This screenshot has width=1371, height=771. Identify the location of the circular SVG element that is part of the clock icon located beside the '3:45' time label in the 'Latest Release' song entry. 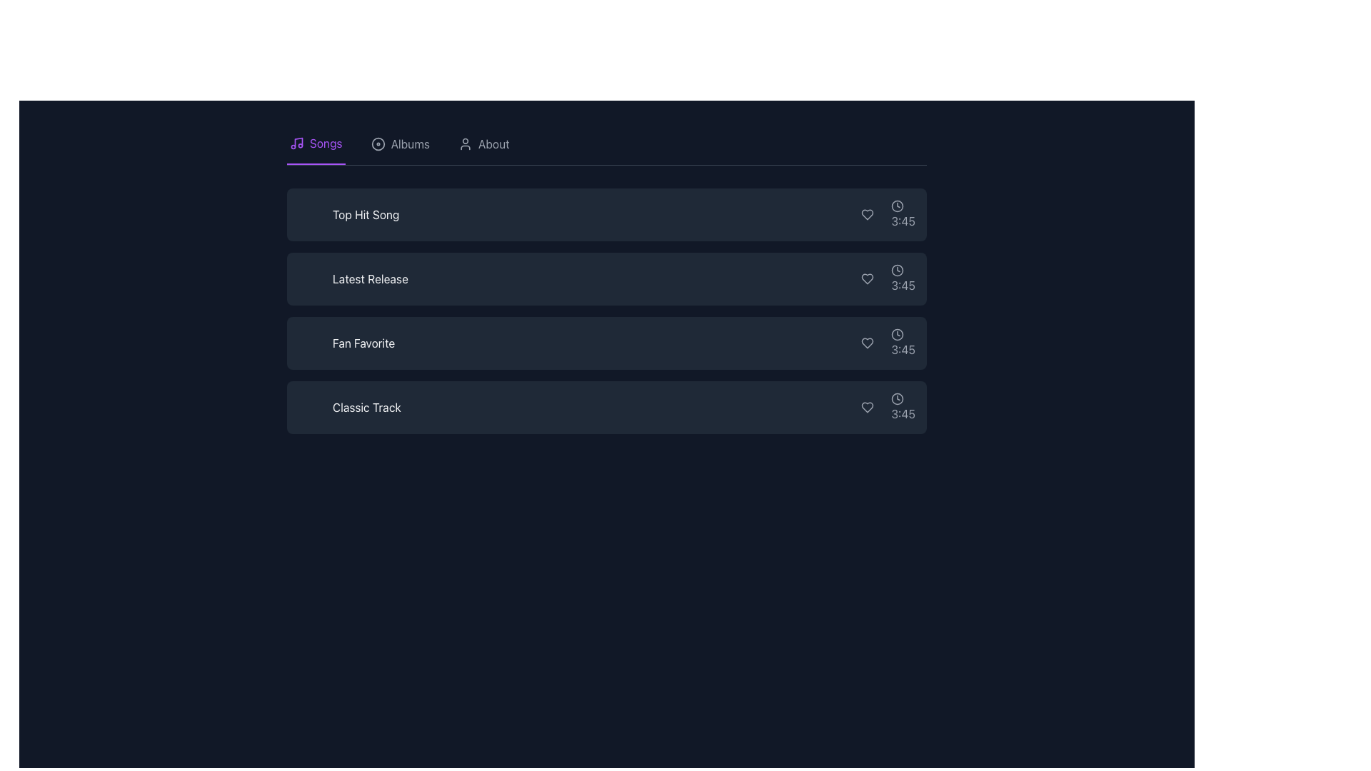
(897, 270).